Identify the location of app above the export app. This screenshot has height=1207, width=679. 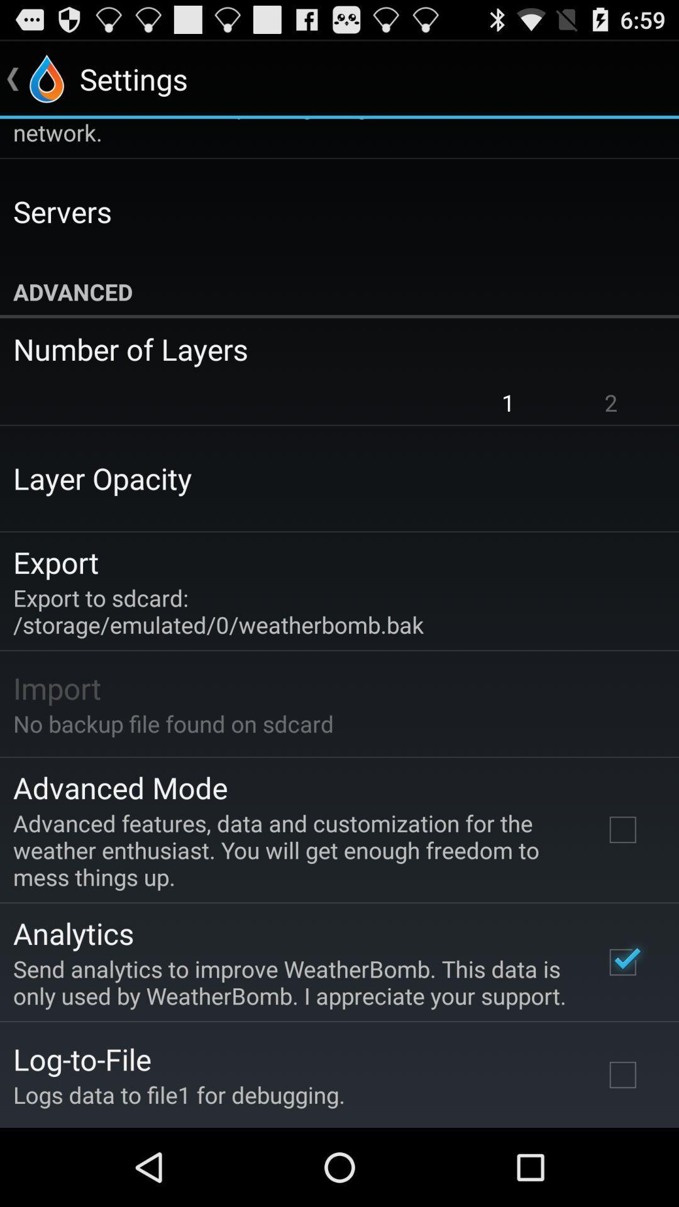
(102, 477).